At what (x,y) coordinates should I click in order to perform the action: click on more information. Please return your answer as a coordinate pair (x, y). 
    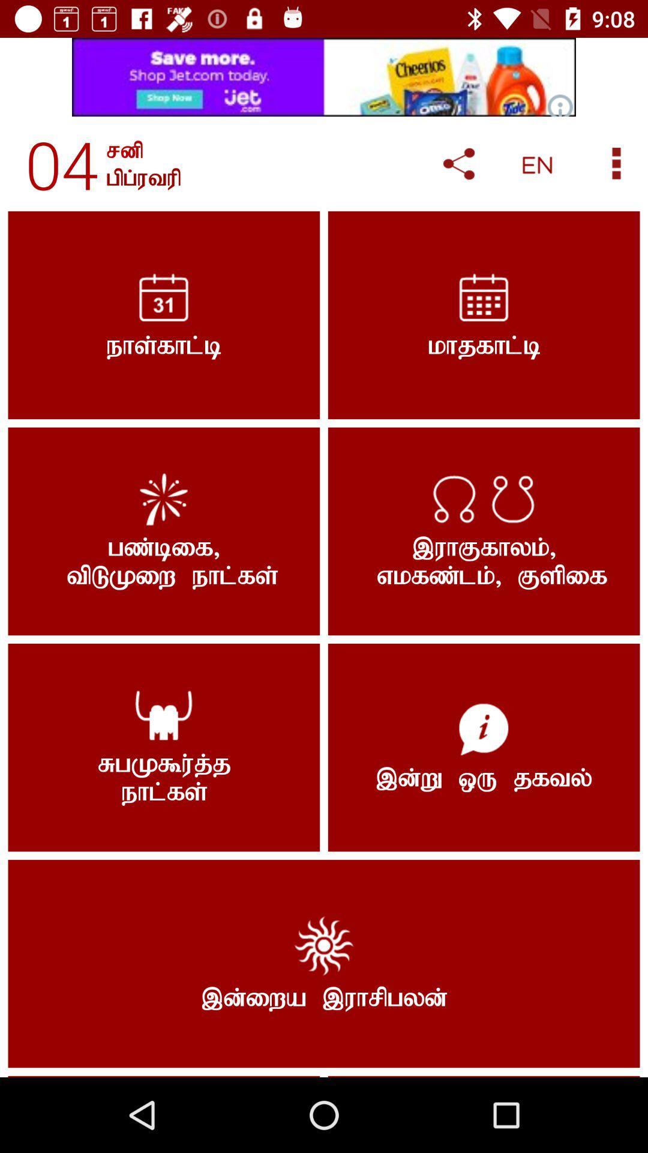
    Looking at the image, I should click on (616, 163).